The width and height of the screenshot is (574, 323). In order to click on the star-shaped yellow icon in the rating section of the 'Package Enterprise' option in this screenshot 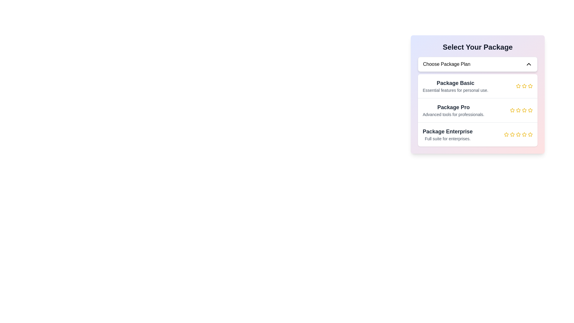, I will do `click(518, 134)`.